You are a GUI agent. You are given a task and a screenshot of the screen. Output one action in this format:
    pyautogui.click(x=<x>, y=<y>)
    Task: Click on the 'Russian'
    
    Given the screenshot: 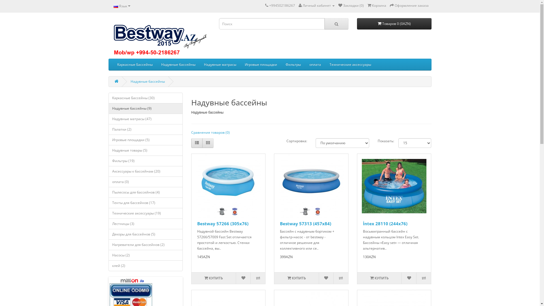 What is the action you would take?
    pyautogui.click(x=115, y=6)
    